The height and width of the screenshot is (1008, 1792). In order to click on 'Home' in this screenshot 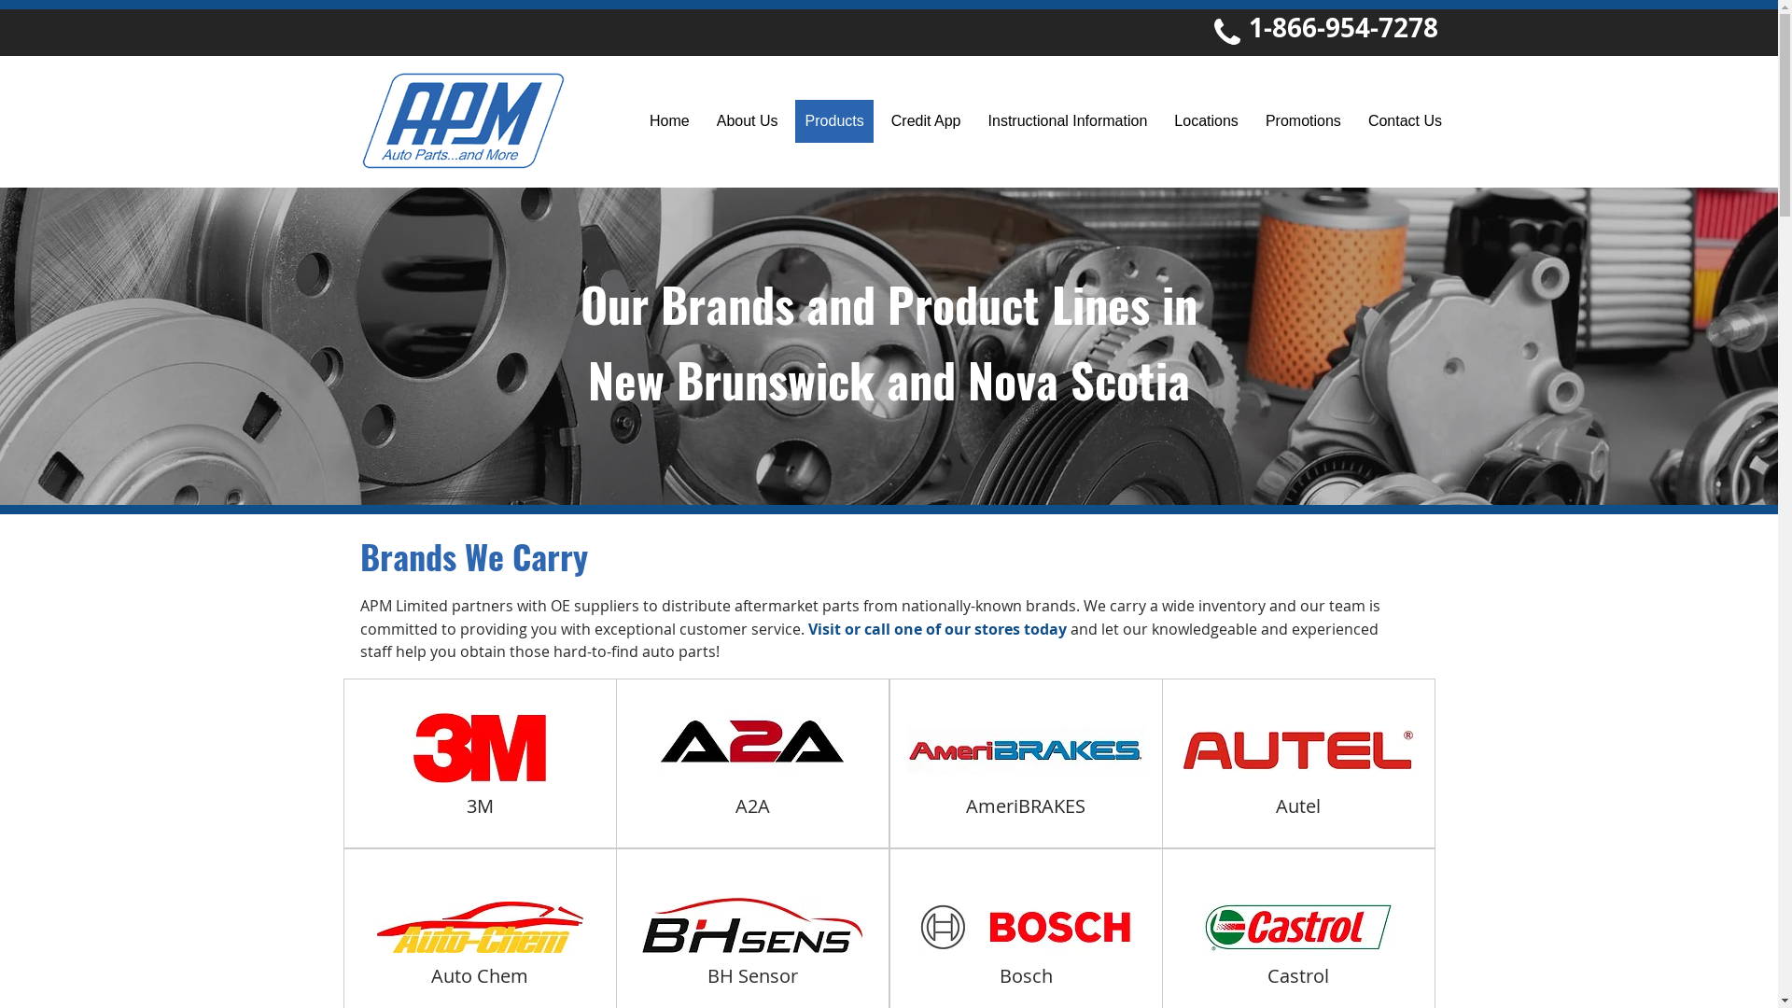, I will do `click(670, 121)`.